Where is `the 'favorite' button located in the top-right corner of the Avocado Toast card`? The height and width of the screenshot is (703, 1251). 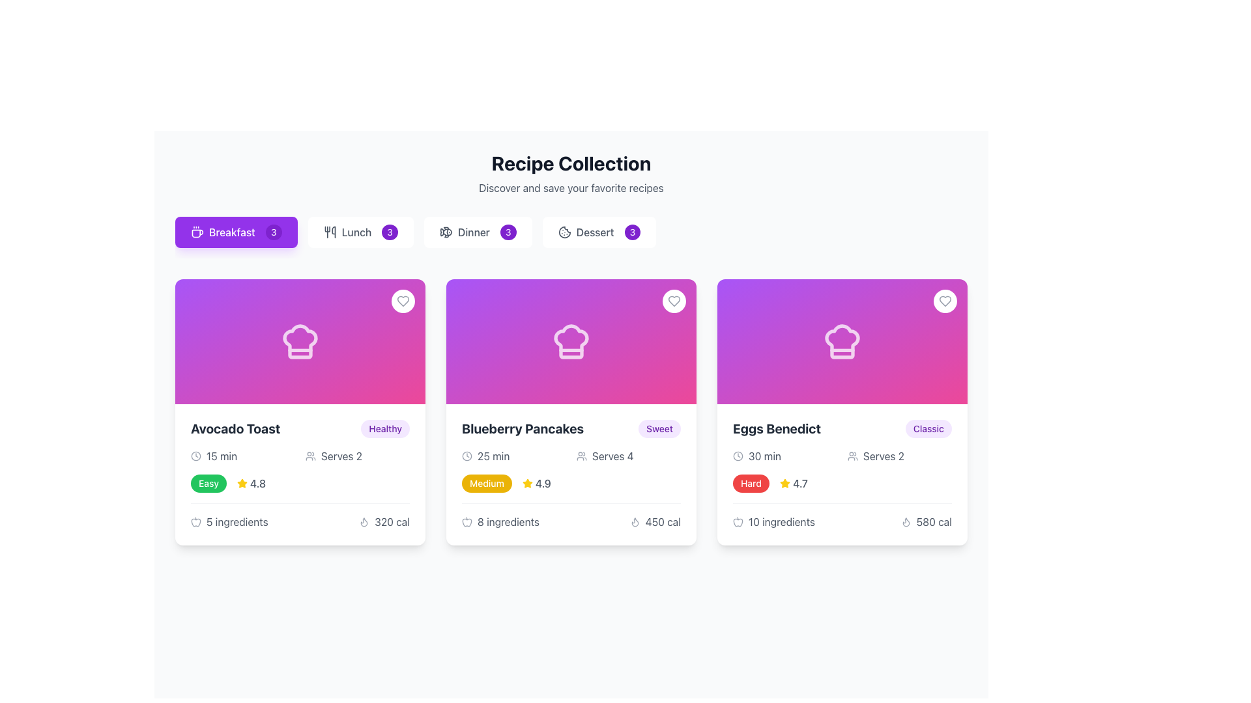 the 'favorite' button located in the top-right corner of the Avocado Toast card is located at coordinates (403, 301).